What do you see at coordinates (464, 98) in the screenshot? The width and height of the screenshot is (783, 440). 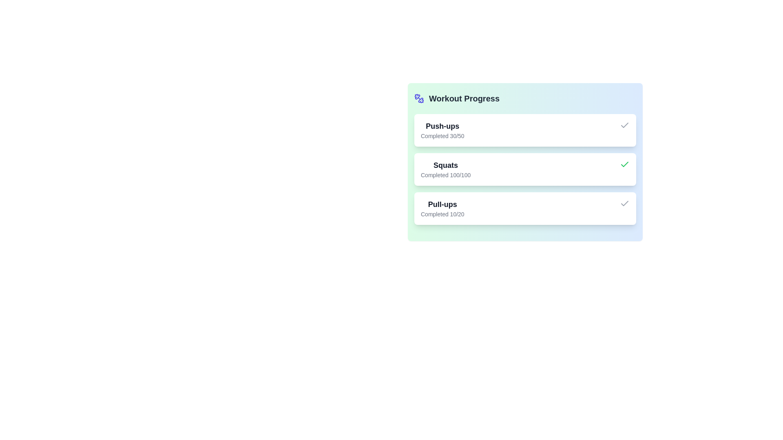 I see `the static text heading labeled 'Workout Progress', which is prominently displayed in a large dark gray font within a distinct panel` at bounding box center [464, 98].